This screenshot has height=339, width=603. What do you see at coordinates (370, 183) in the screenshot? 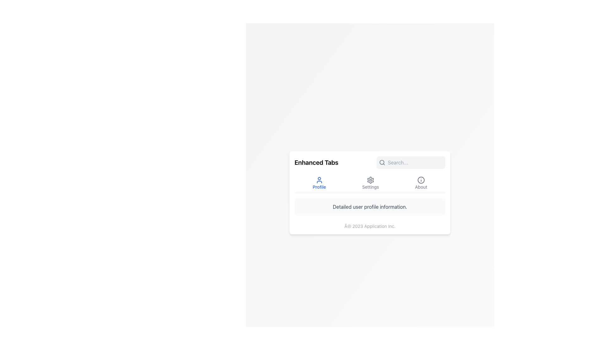
I see `the 'Settings' button in the horizontal navigation bar` at bounding box center [370, 183].